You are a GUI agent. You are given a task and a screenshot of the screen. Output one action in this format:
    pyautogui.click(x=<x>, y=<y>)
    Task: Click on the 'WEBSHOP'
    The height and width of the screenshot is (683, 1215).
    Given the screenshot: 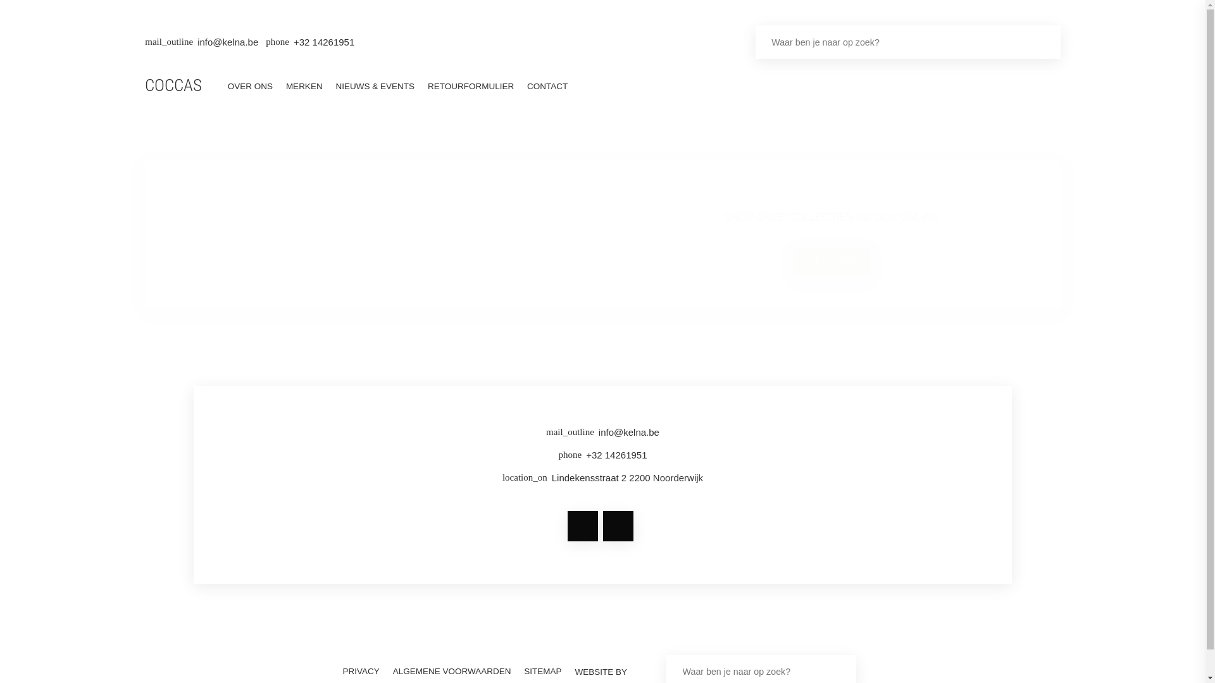 What is the action you would take?
    pyautogui.click(x=832, y=260)
    